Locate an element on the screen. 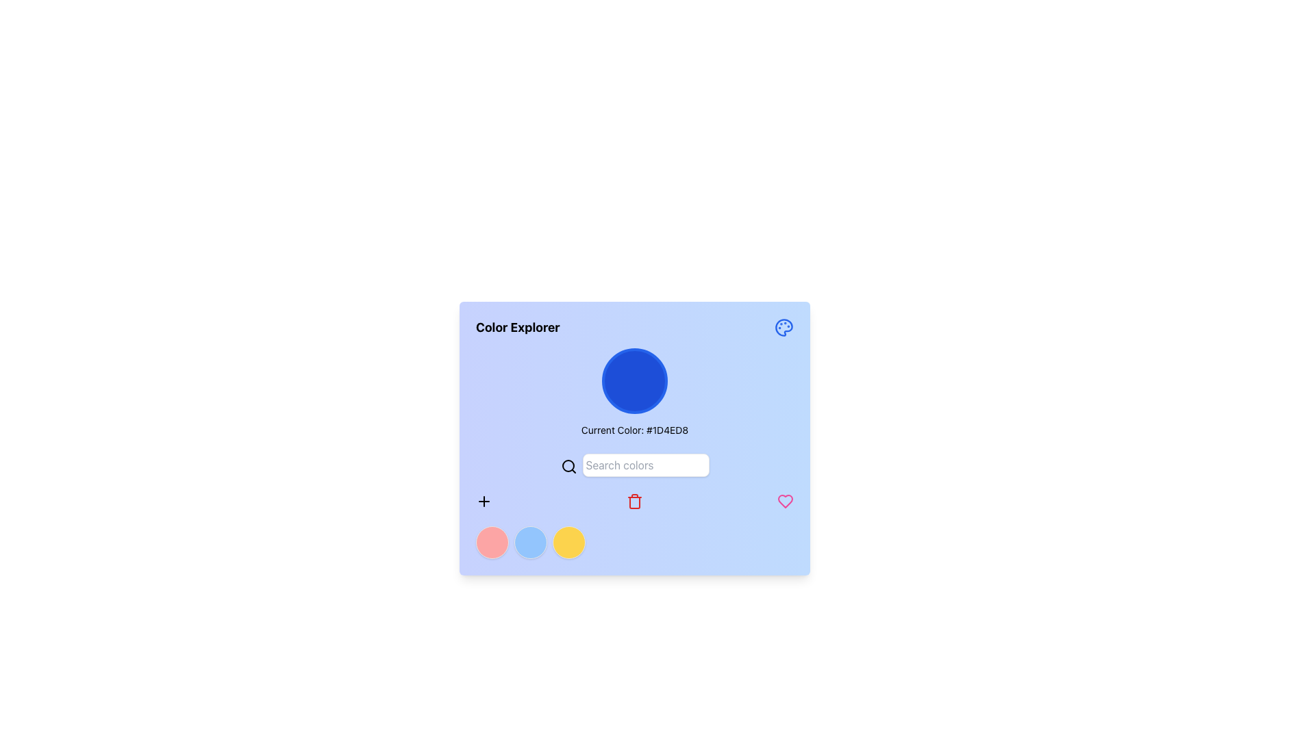 This screenshot has height=739, width=1315. the blue palette-shaped icon with circular accents located at the top-right corner of the 'Color Explorer' panel is located at coordinates (784, 327).